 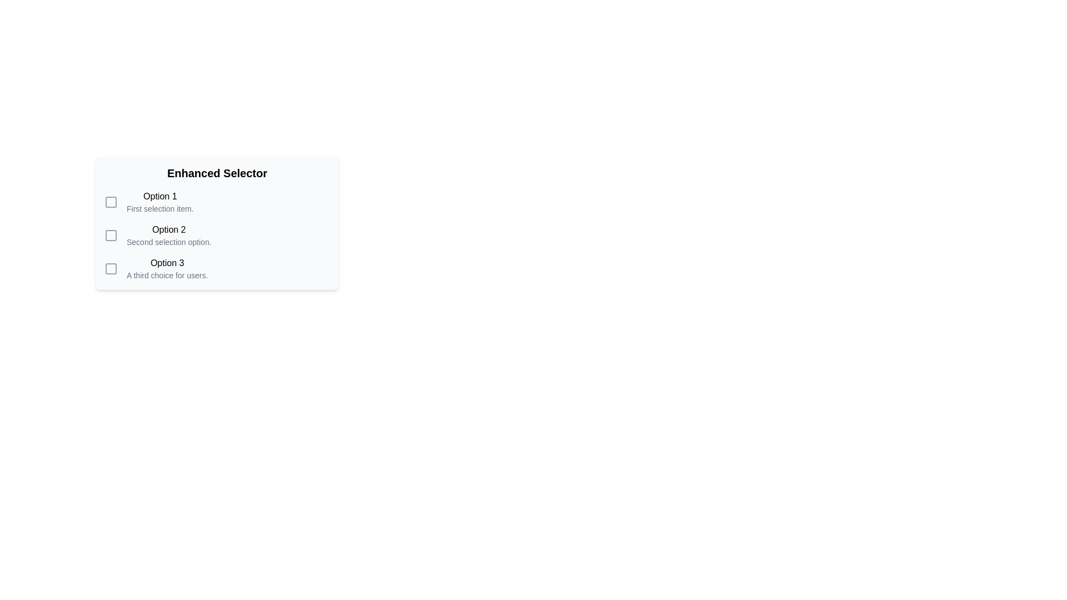 I want to click on the text label element reading 'Second selection option' which is styled in small-sized gray font and positioned directly beneath the bold 'Option 2' label, so click(x=168, y=241).